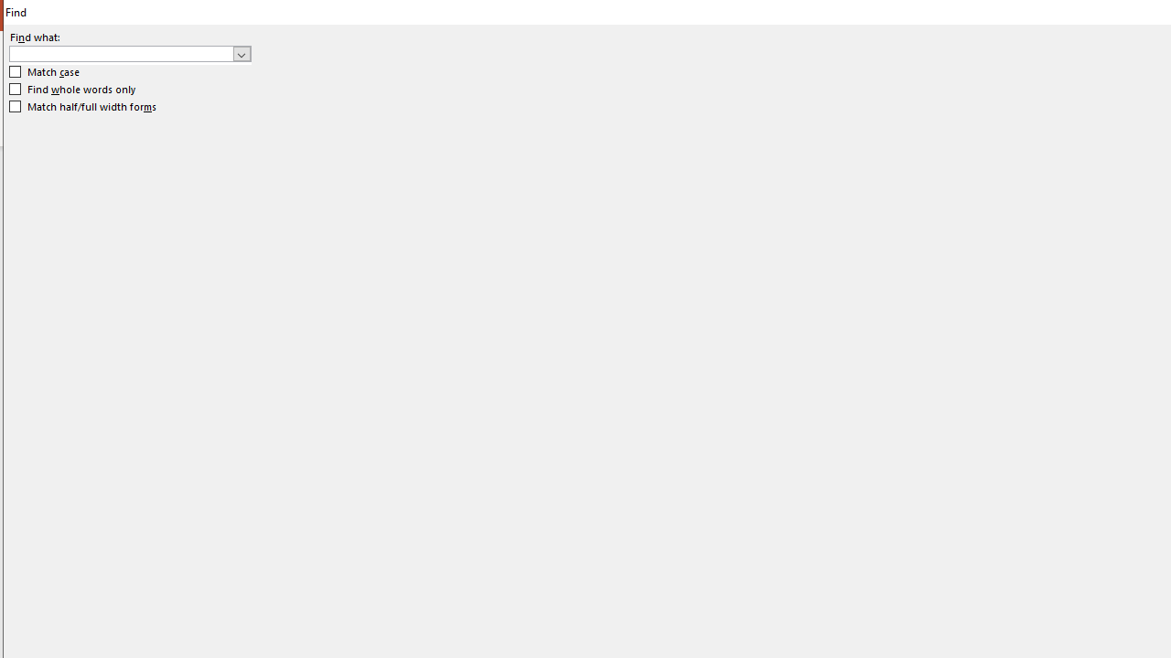  Describe the element at coordinates (121, 53) in the screenshot. I see `'Find what'` at that location.